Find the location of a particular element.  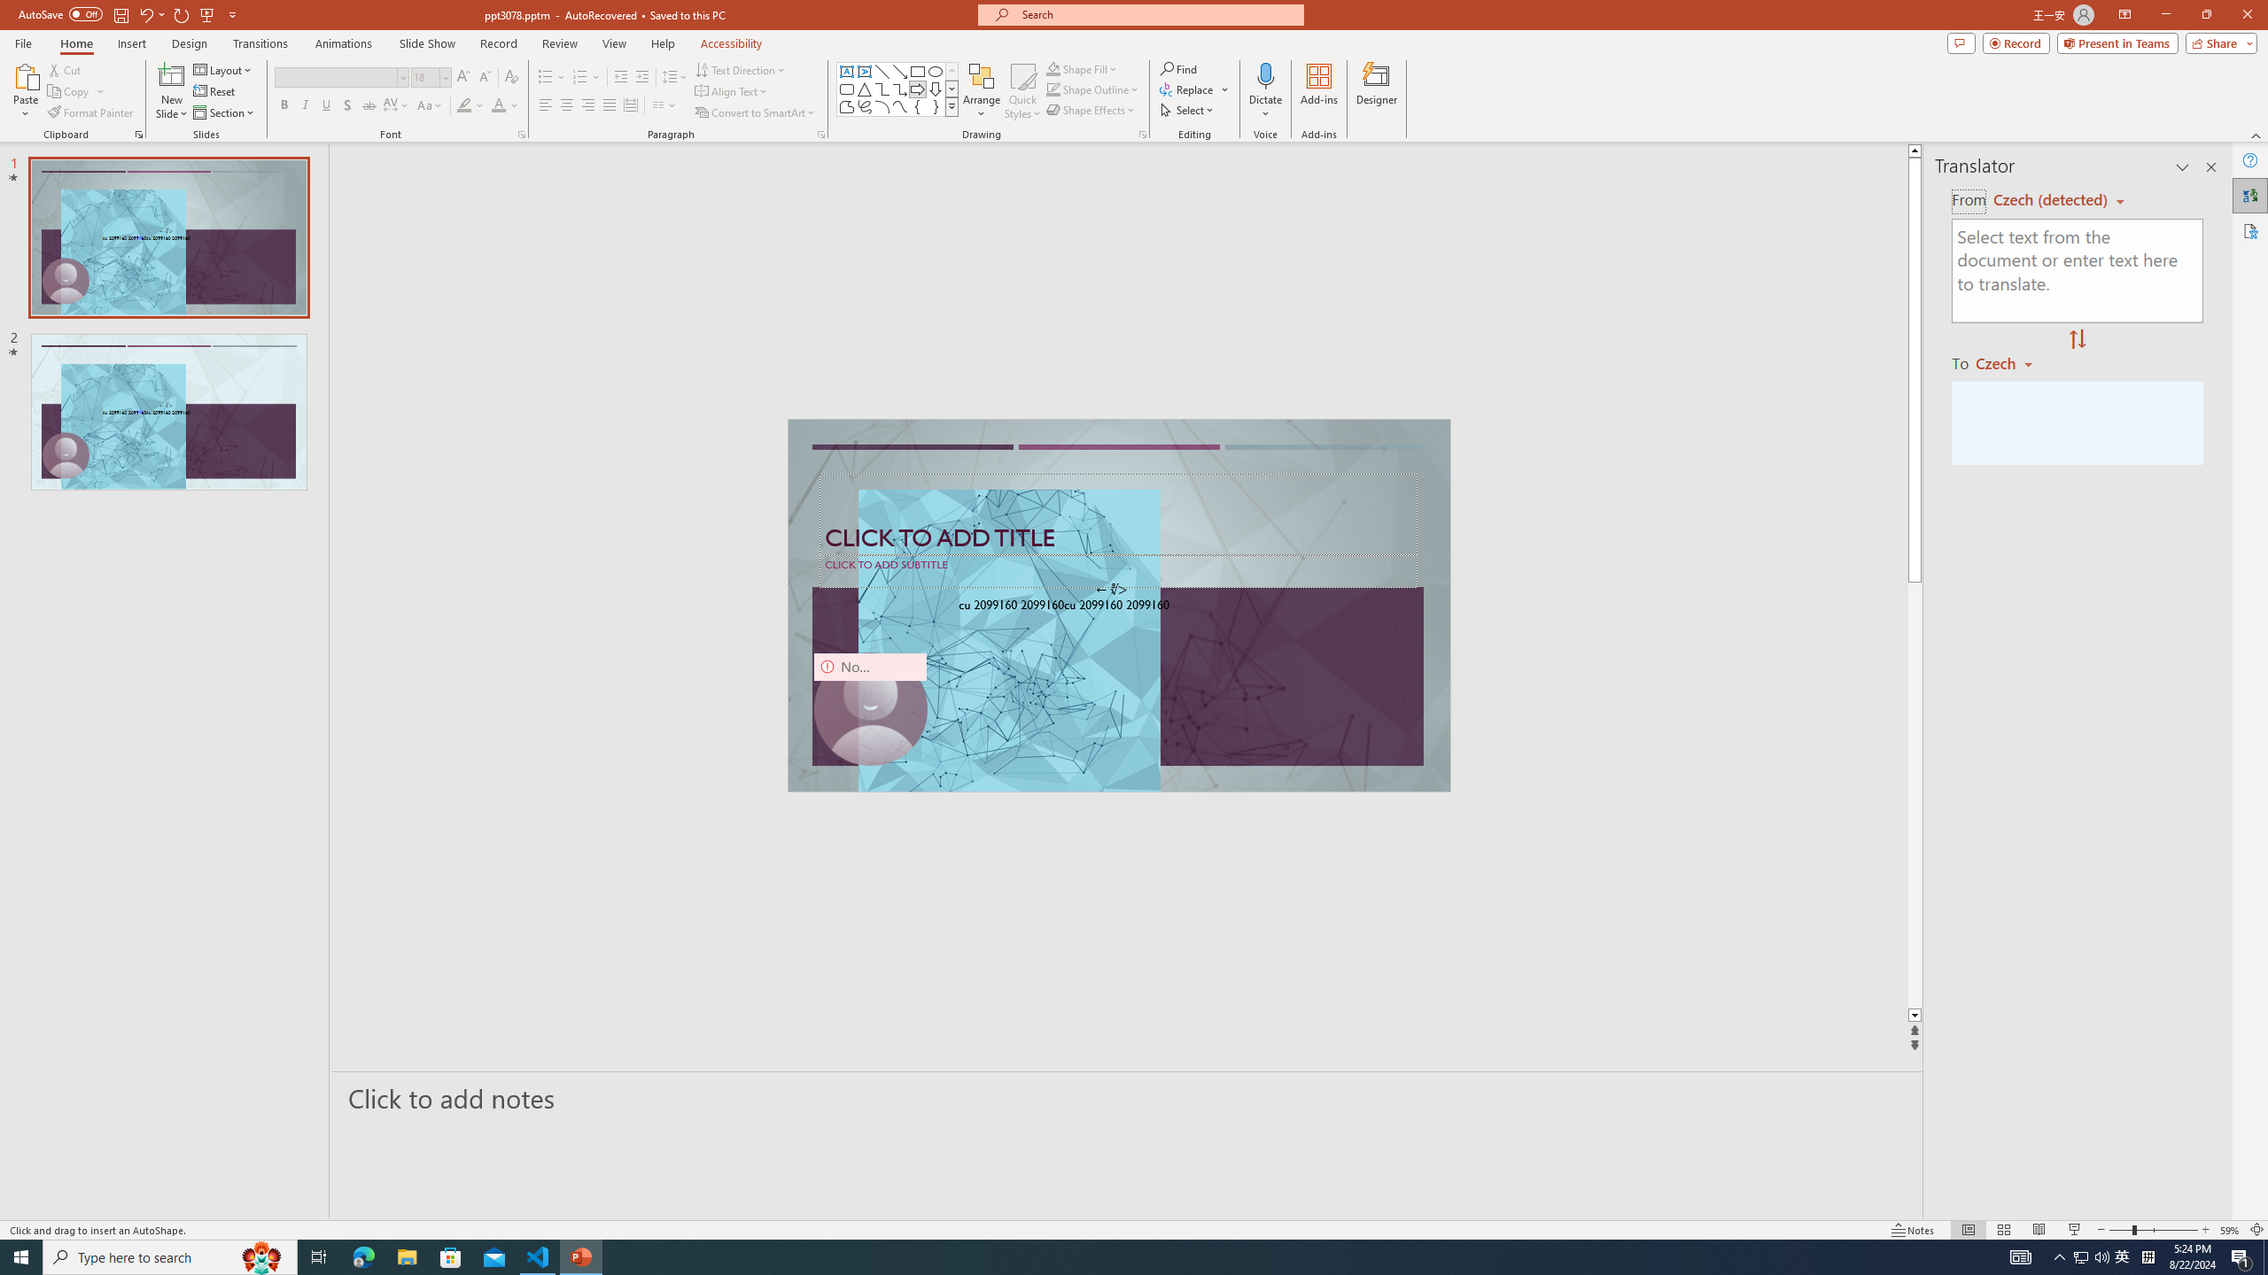

'Shape Outline Green, Accent 1' is located at coordinates (1053, 88).